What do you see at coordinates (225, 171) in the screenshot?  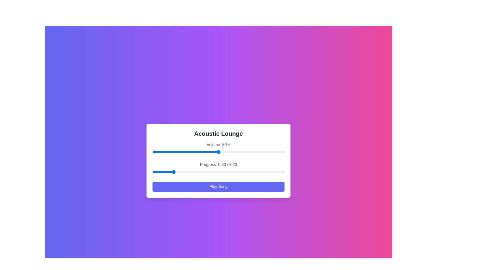 I see `the song progress to 110 seconds` at bounding box center [225, 171].